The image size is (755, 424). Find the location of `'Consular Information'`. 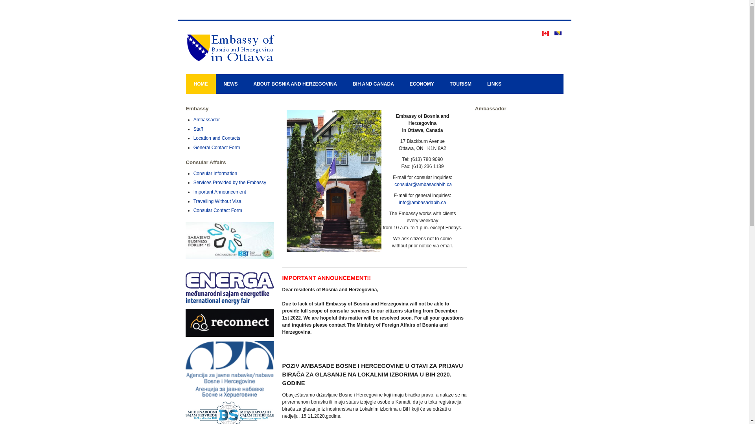

'Consular Information' is located at coordinates (215, 173).